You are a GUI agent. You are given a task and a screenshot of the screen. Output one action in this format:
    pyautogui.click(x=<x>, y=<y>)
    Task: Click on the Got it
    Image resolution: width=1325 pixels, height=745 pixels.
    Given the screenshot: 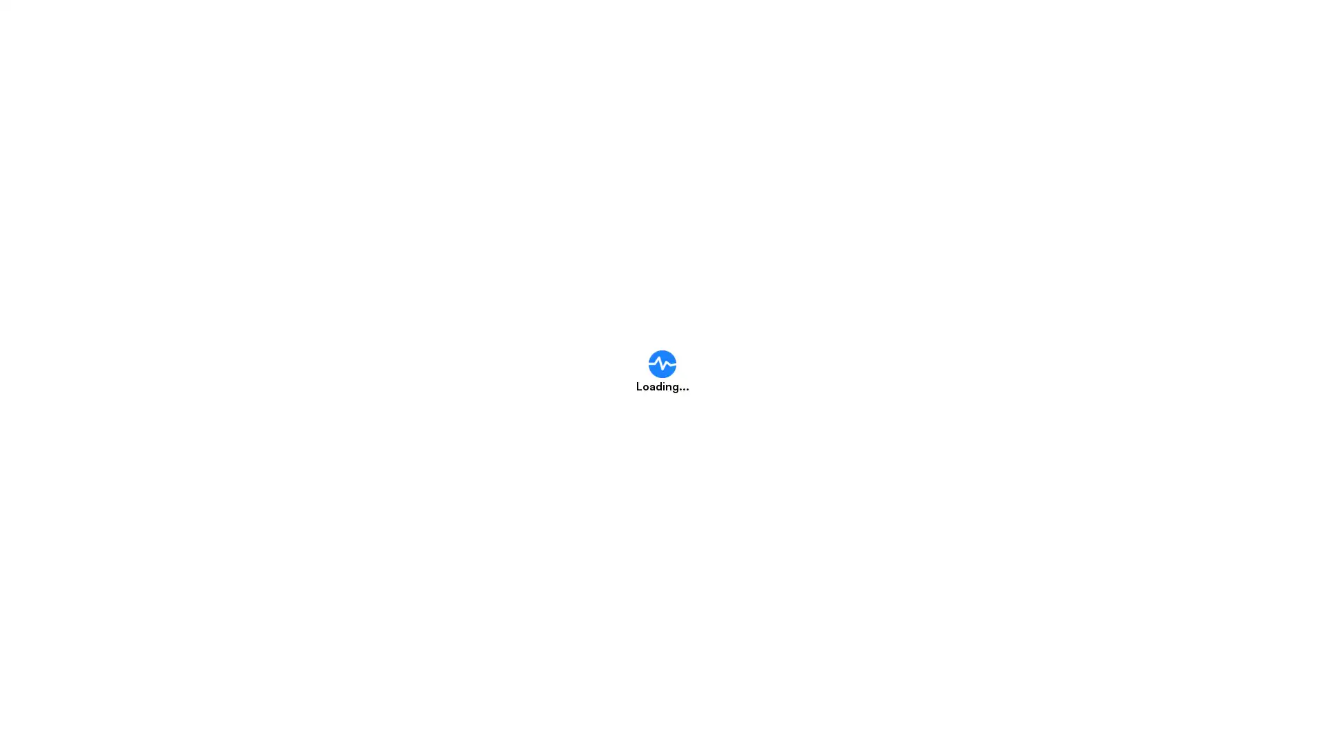 What is the action you would take?
    pyautogui.click(x=672, y=447)
    